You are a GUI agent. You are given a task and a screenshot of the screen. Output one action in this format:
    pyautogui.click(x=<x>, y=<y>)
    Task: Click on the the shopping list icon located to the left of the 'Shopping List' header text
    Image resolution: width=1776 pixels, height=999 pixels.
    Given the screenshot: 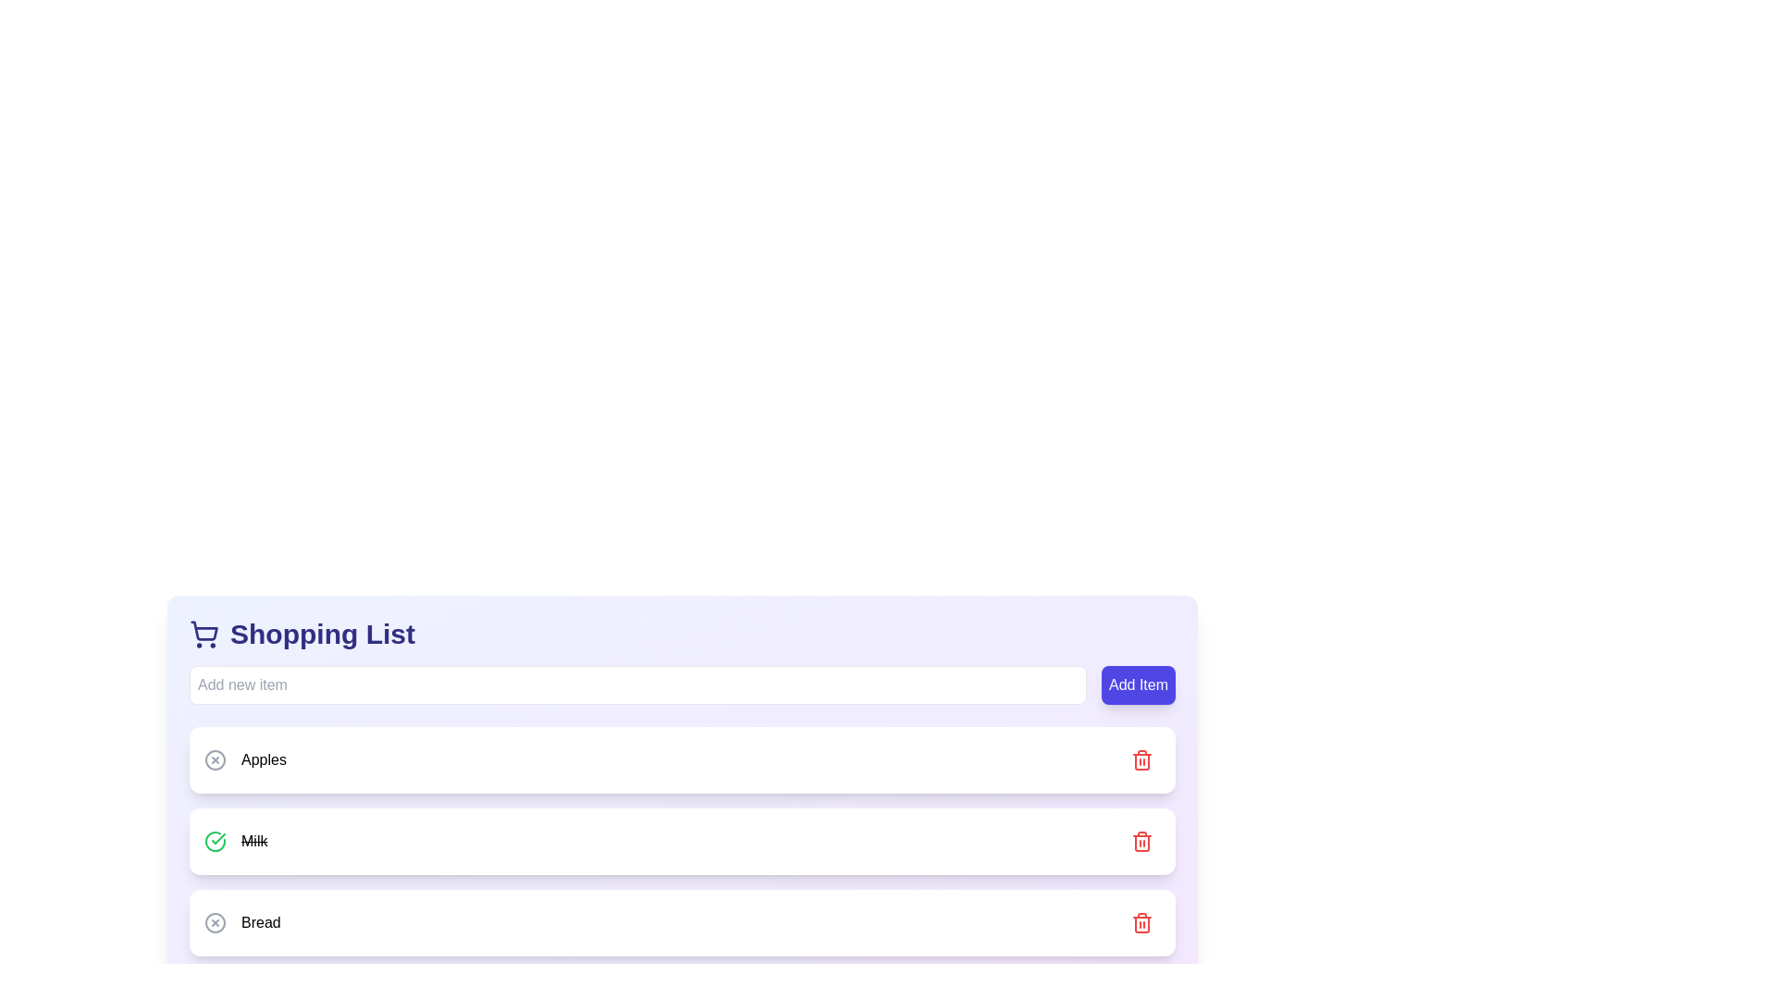 What is the action you would take?
    pyautogui.click(x=203, y=634)
    